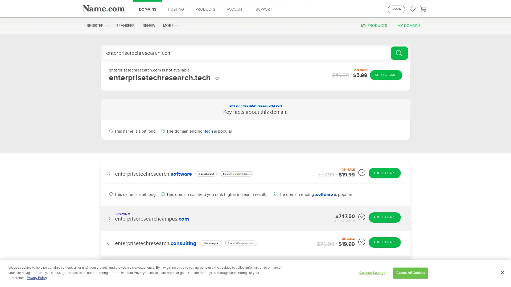 This screenshot has width=511, height=287. I want to click on Accept All Cookies, so click(410, 273).